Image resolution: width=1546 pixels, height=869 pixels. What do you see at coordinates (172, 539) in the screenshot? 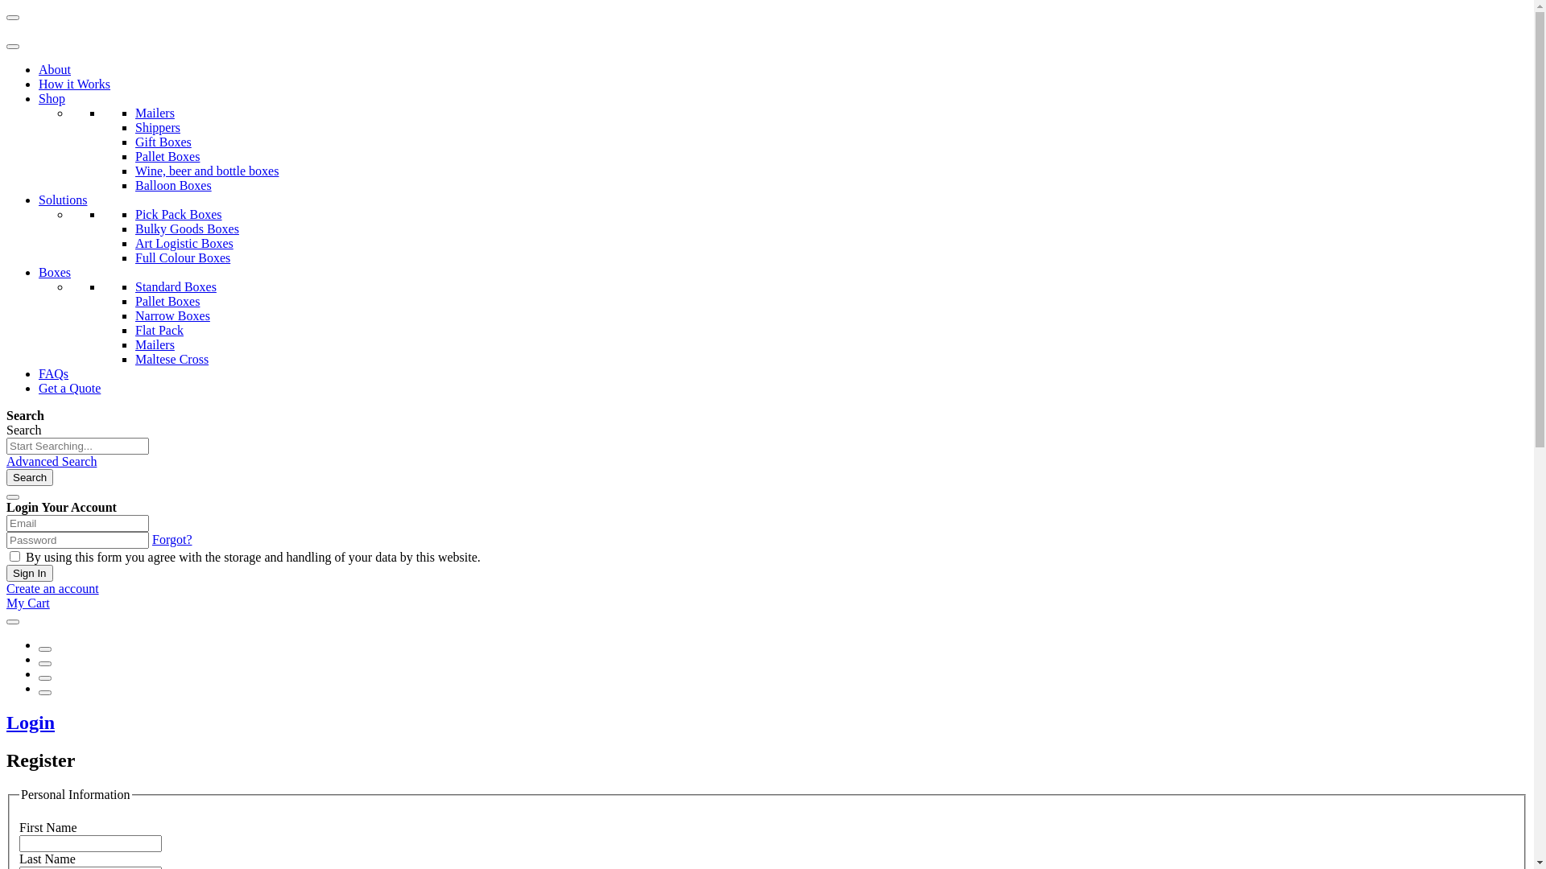
I see `'Forgot?'` at bounding box center [172, 539].